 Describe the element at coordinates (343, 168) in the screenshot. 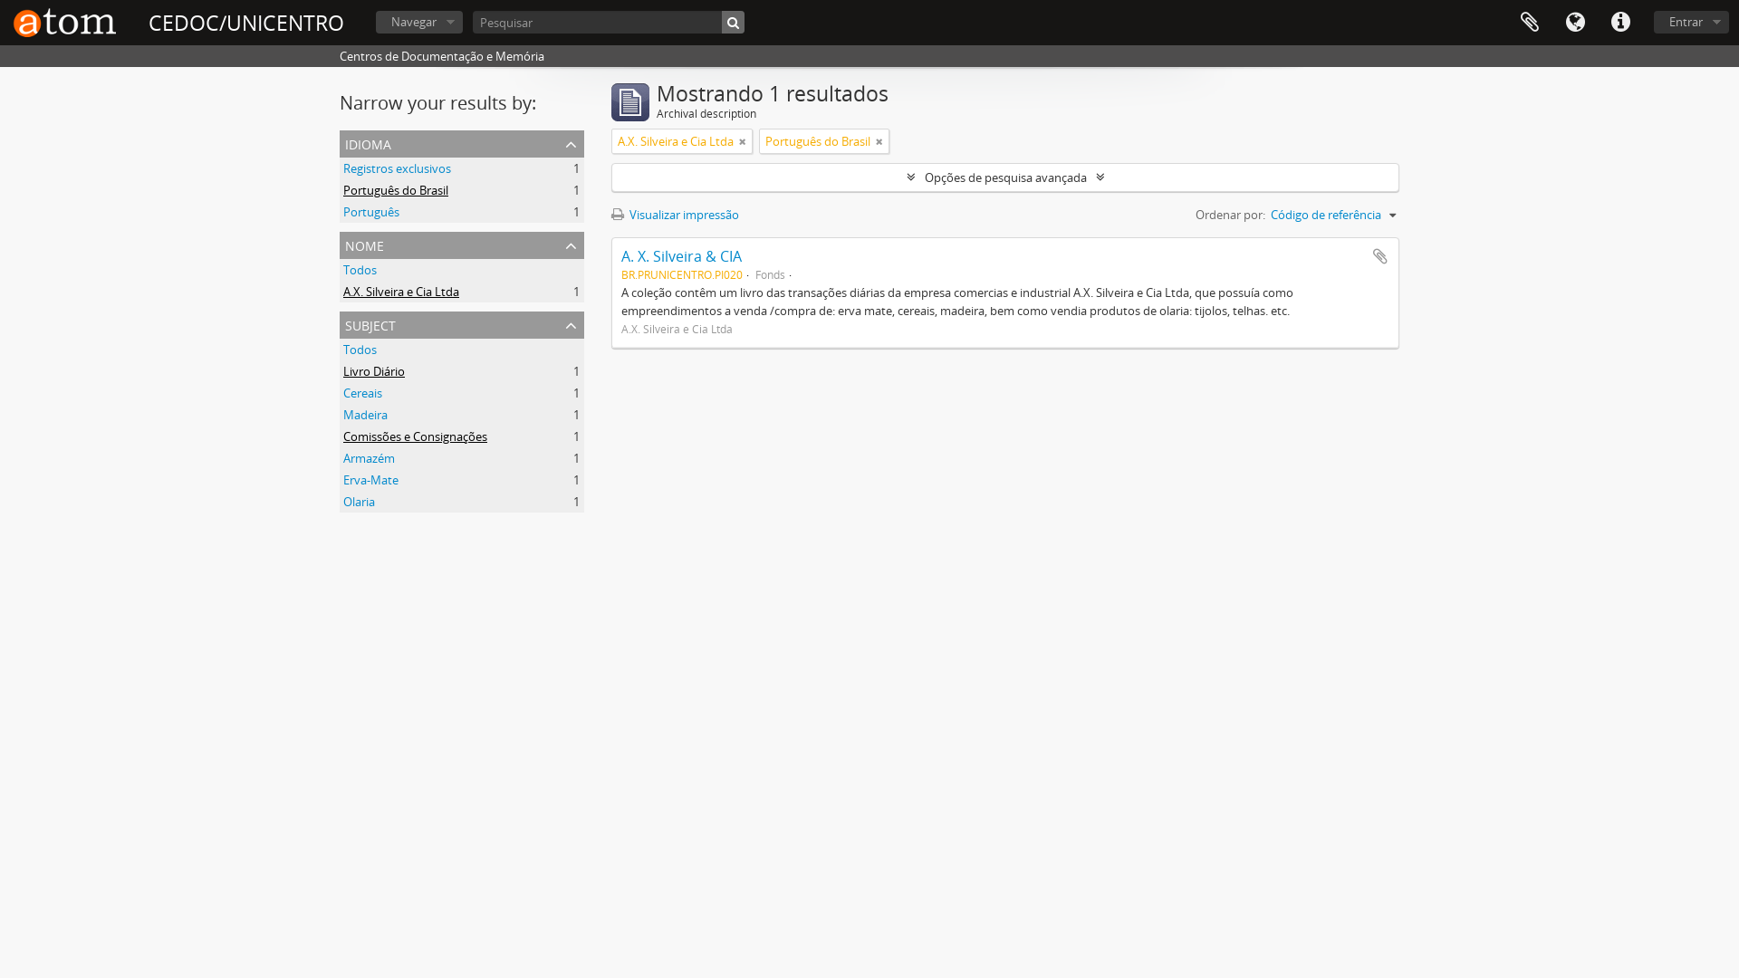

I see `'Registros exclusivos'` at that location.